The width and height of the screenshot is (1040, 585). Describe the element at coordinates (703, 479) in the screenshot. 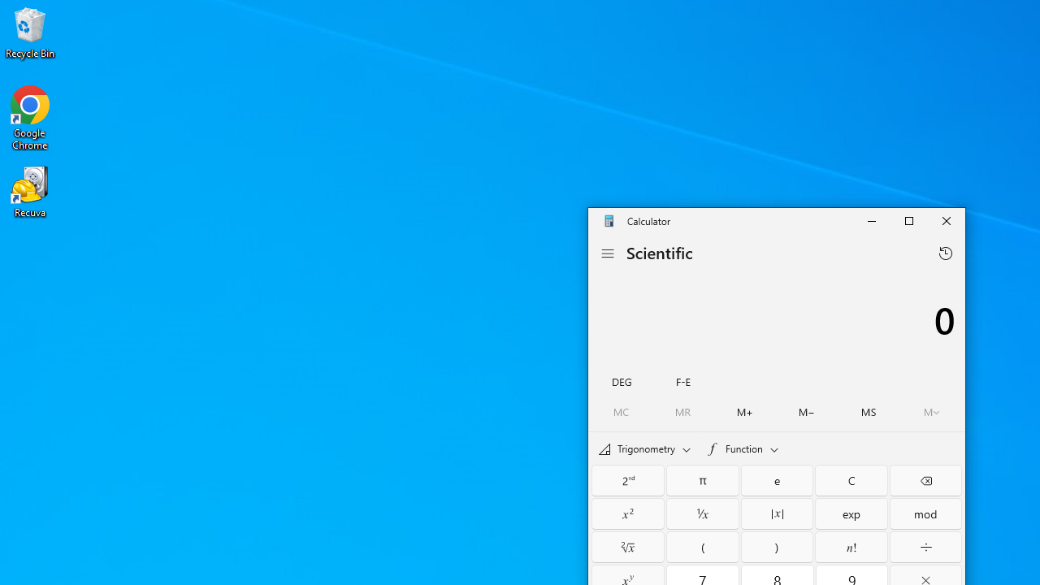

I see `'Pi'` at that location.